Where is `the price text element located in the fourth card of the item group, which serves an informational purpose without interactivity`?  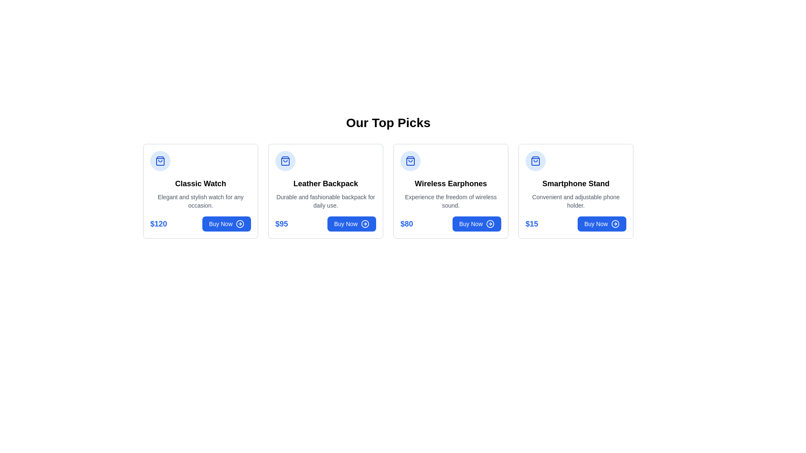 the price text element located in the fourth card of the item group, which serves an informational purpose without interactivity is located at coordinates (531, 223).